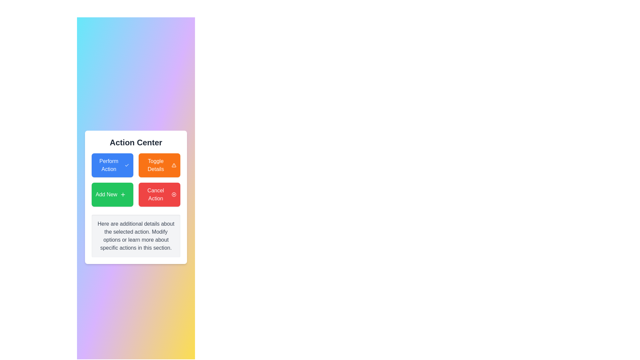  What do you see at coordinates (174, 194) in the screenshot?
I see `the cancel icon located at the top-right corner of the 'Cancel Action' button` at bounding box center [174, 194].